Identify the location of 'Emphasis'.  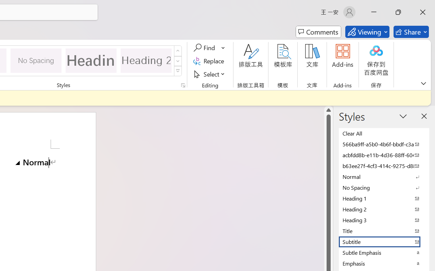
(384, 263).